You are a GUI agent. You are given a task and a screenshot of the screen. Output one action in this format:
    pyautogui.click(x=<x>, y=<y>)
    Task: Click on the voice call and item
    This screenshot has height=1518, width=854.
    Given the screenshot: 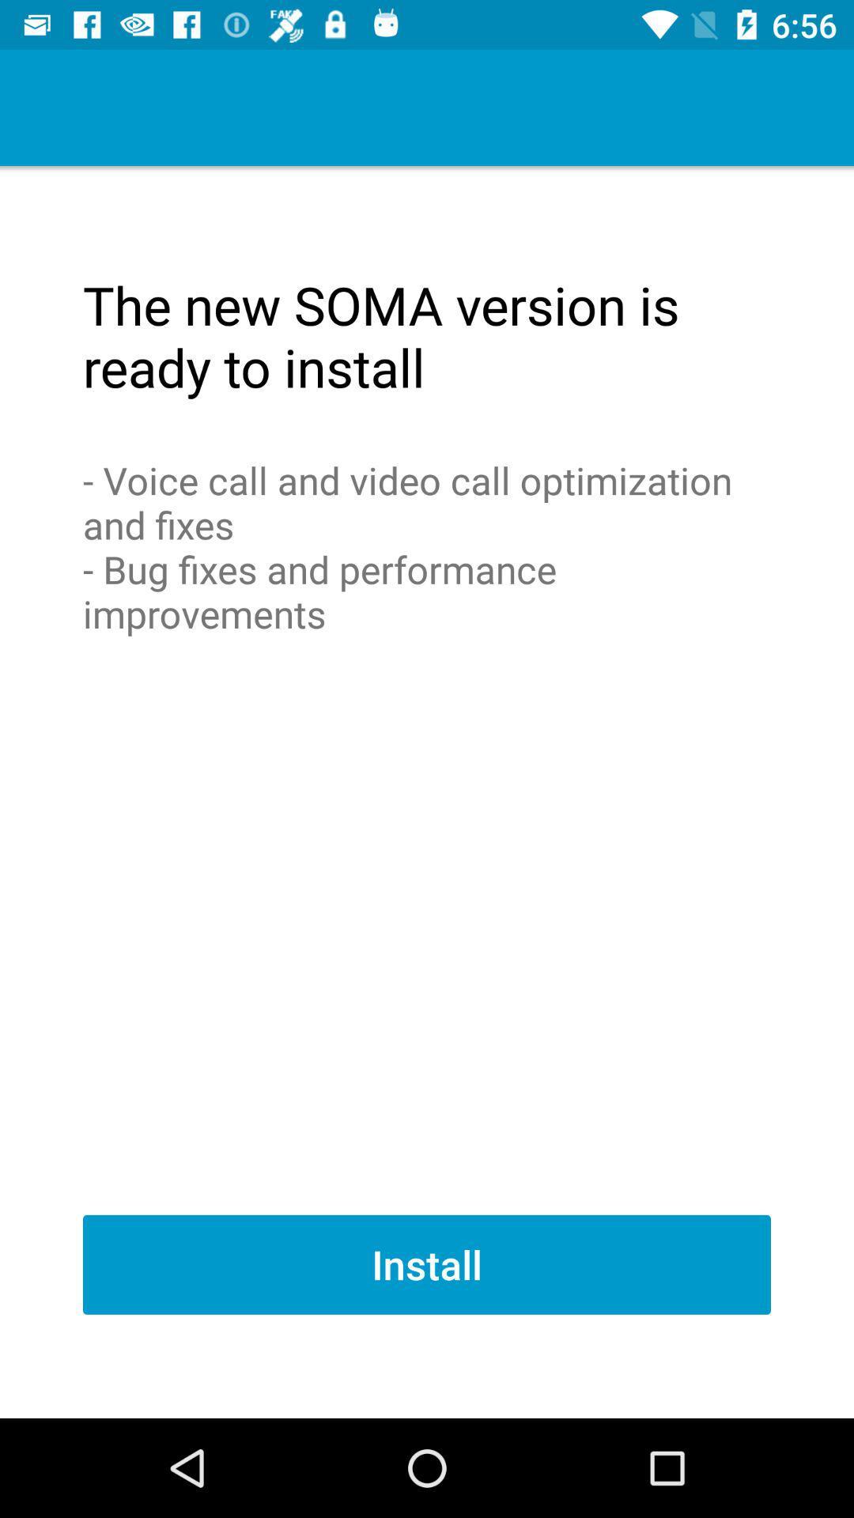 What is the action you would take?
    pyautogui.click(x=427, y=546)
    